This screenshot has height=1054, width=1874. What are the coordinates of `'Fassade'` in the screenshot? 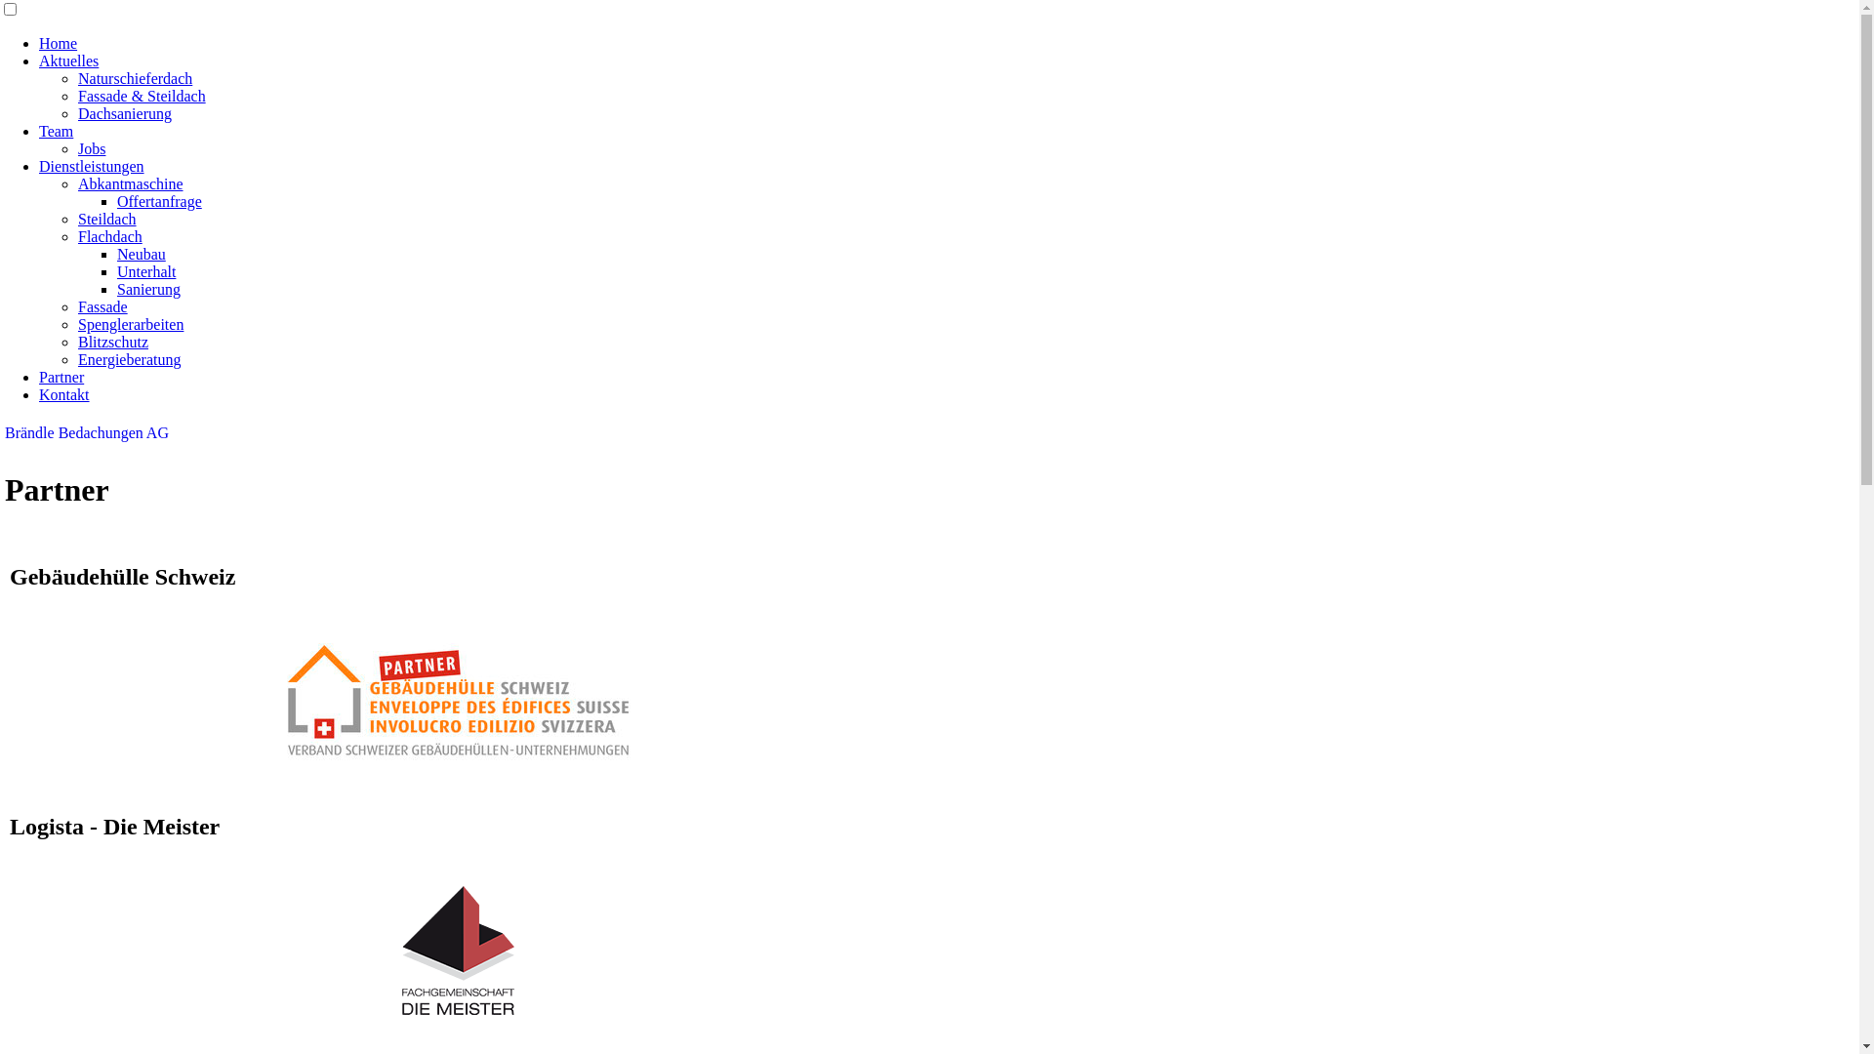 It's located at (102, 306).